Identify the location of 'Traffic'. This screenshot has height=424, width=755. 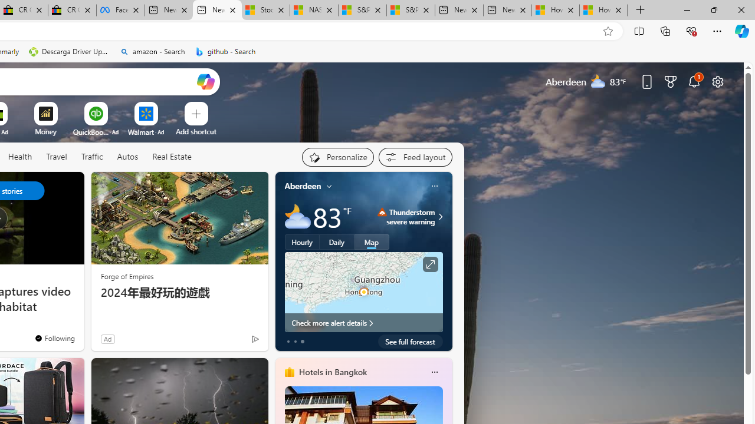
(91, 156).